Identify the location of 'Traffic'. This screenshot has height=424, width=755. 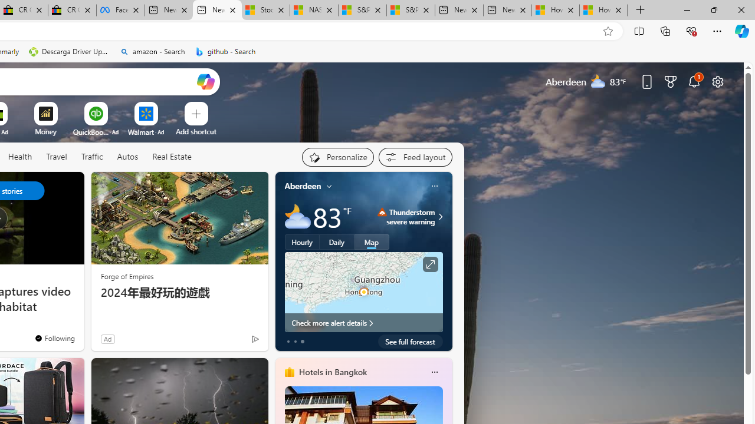
(91, 156).